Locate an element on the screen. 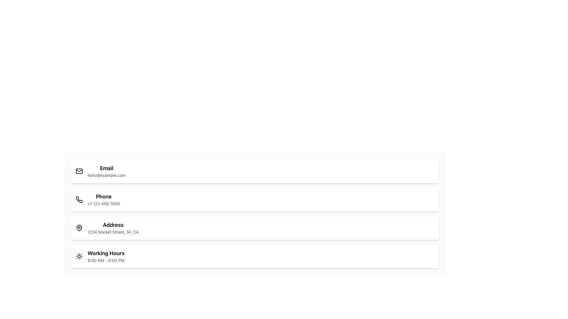 The width and height of the screenshot is (568, 319). the rectangular graphical component representing the email feature icon located within the SVG envelope icon is located at coordinates (79, 171).